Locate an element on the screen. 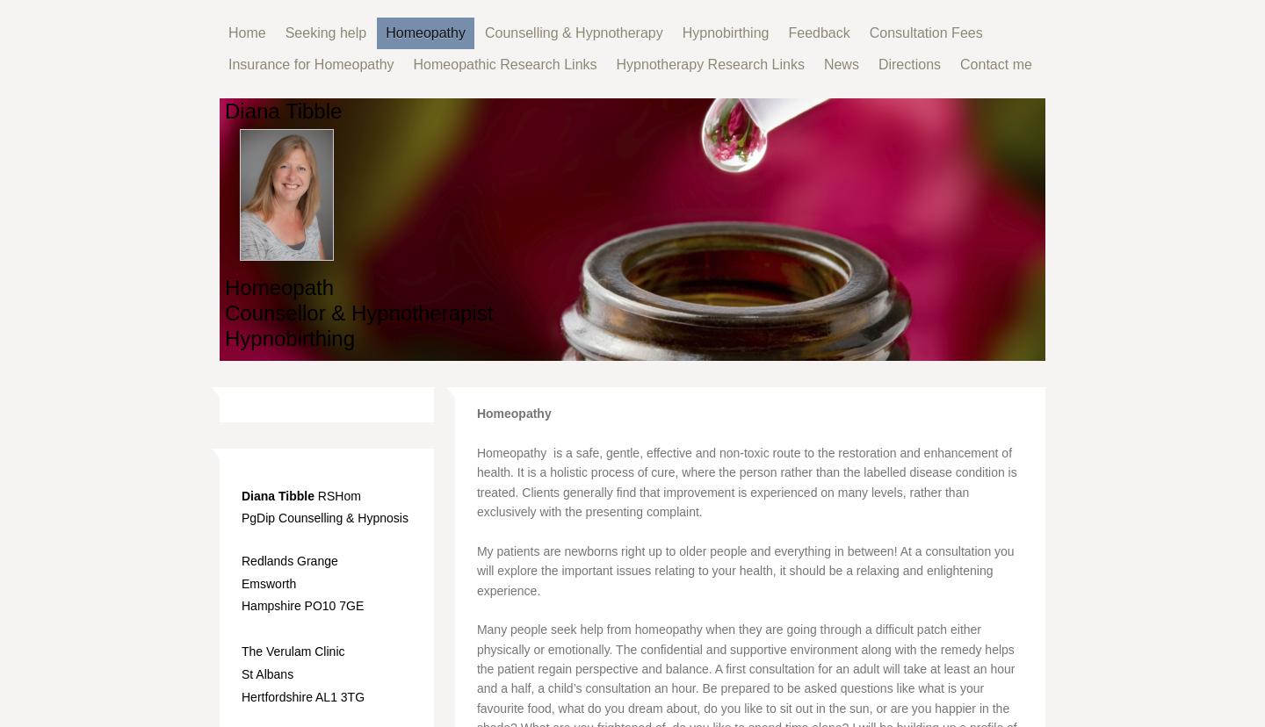 This screenshot has width=1265, height=727. 'PO10 7GE' is located at coordinates (333, 604).